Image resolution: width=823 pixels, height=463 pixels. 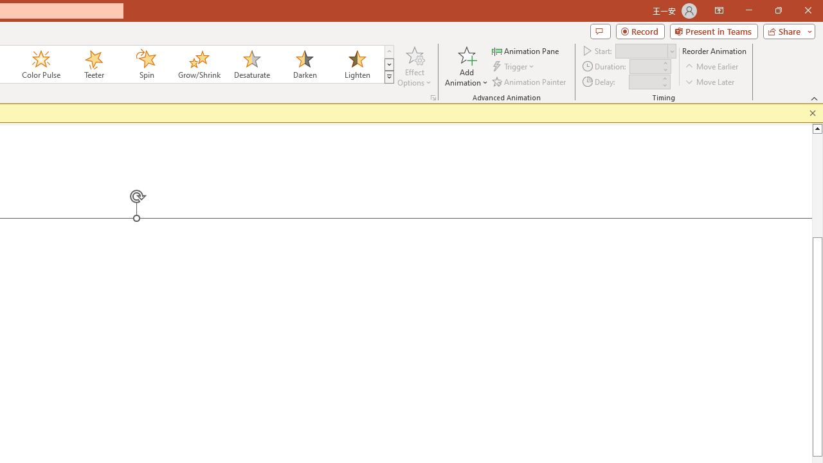 I want to click on 'Teeter', so click(x=93, y=64).